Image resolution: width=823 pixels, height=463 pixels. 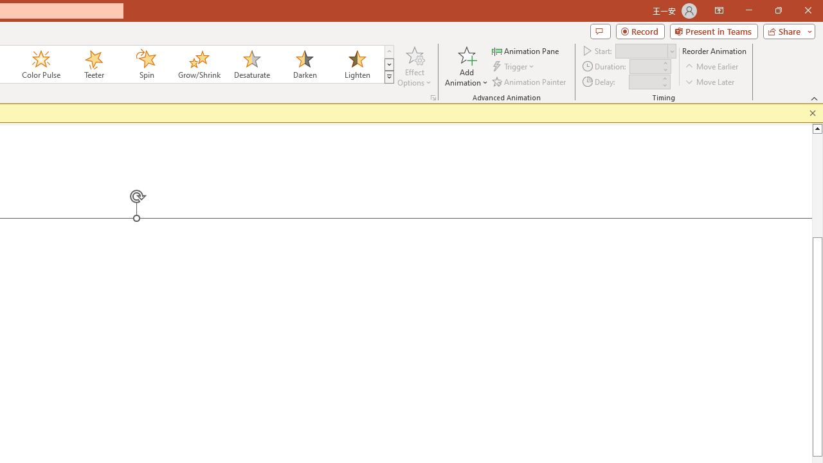 I want to click on 'Teeter', so click(x=93, y=64).